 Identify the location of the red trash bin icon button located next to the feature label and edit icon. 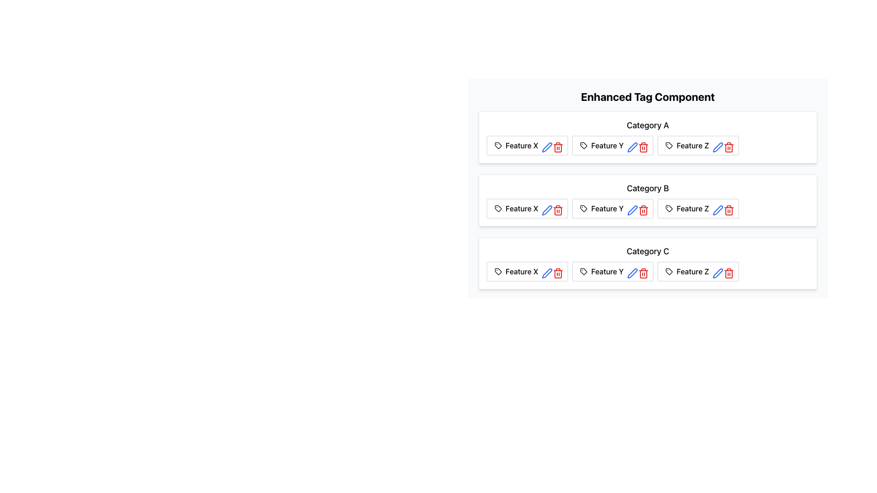
(729, 210).